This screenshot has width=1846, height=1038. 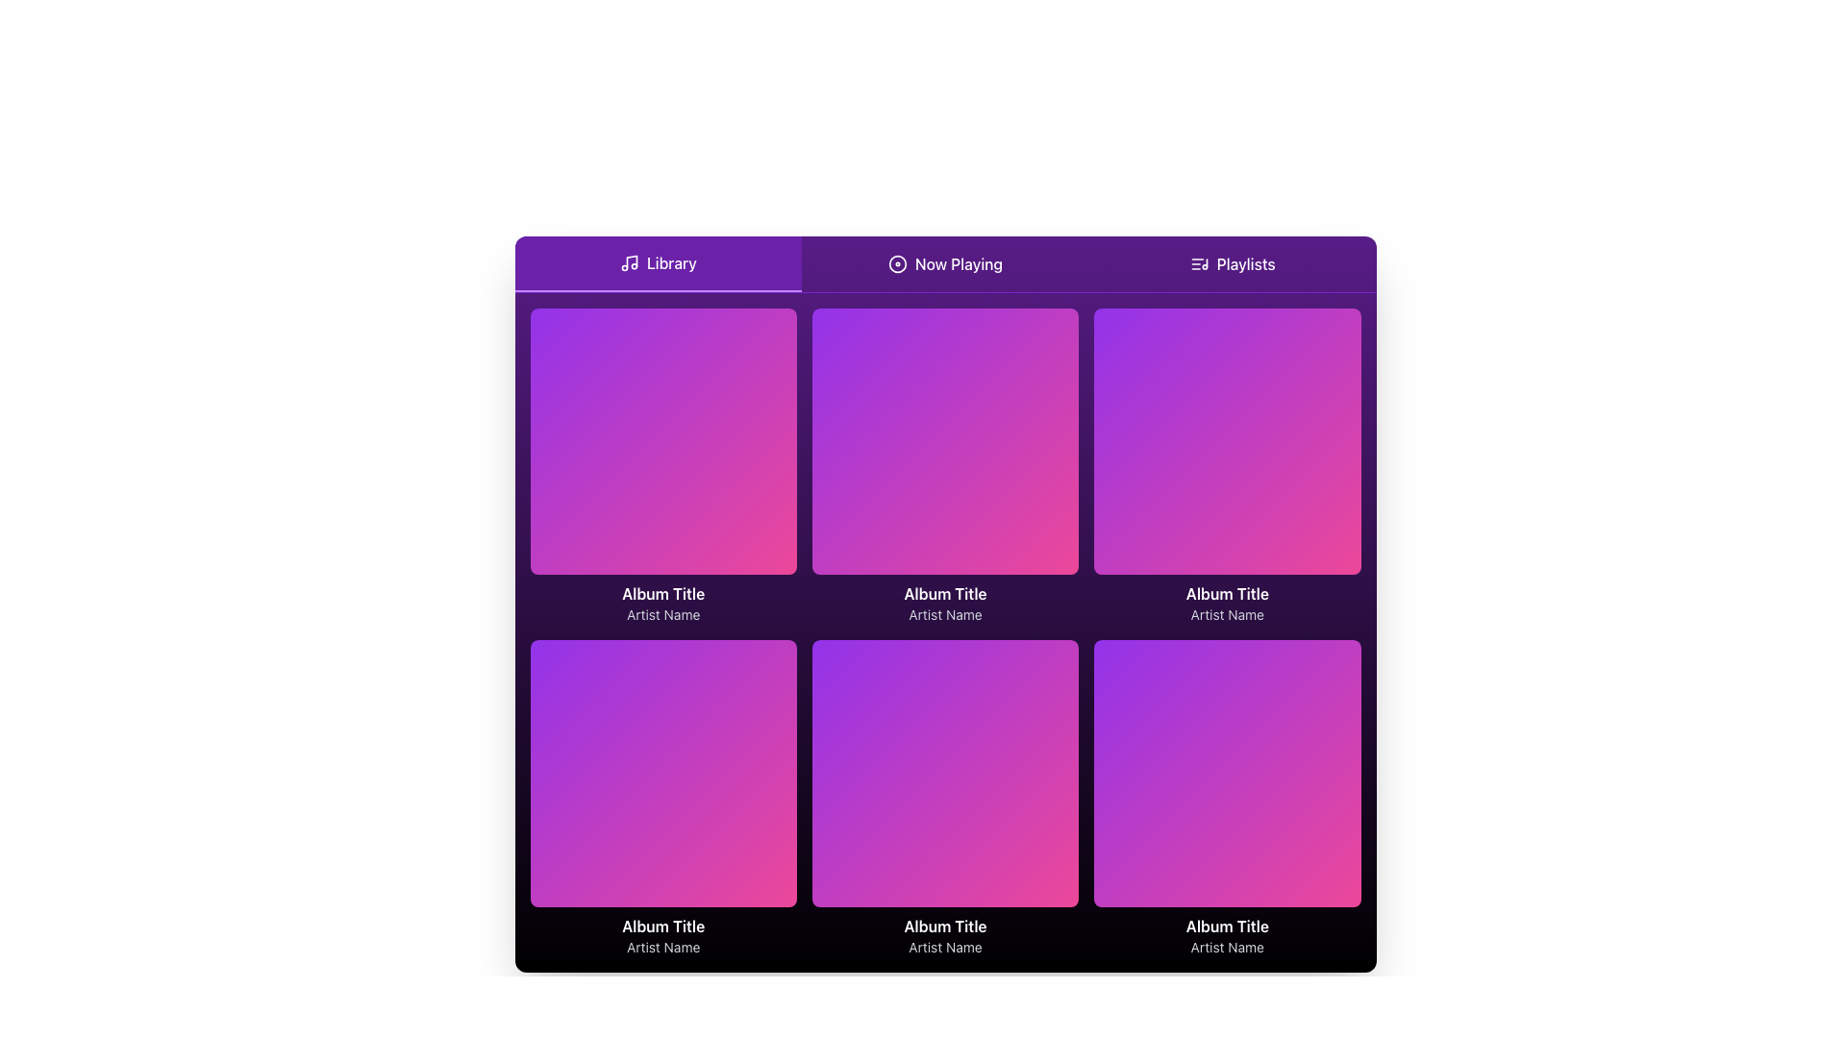 What do you see at coordinates (945, 615) in the screenshot?
I see `the text element displaying 'Artist Name' which is styled with a smaller font and light gray color, located directly below the 'Album Title' in the central card of a grid layout` at bounding box center [945, 615].